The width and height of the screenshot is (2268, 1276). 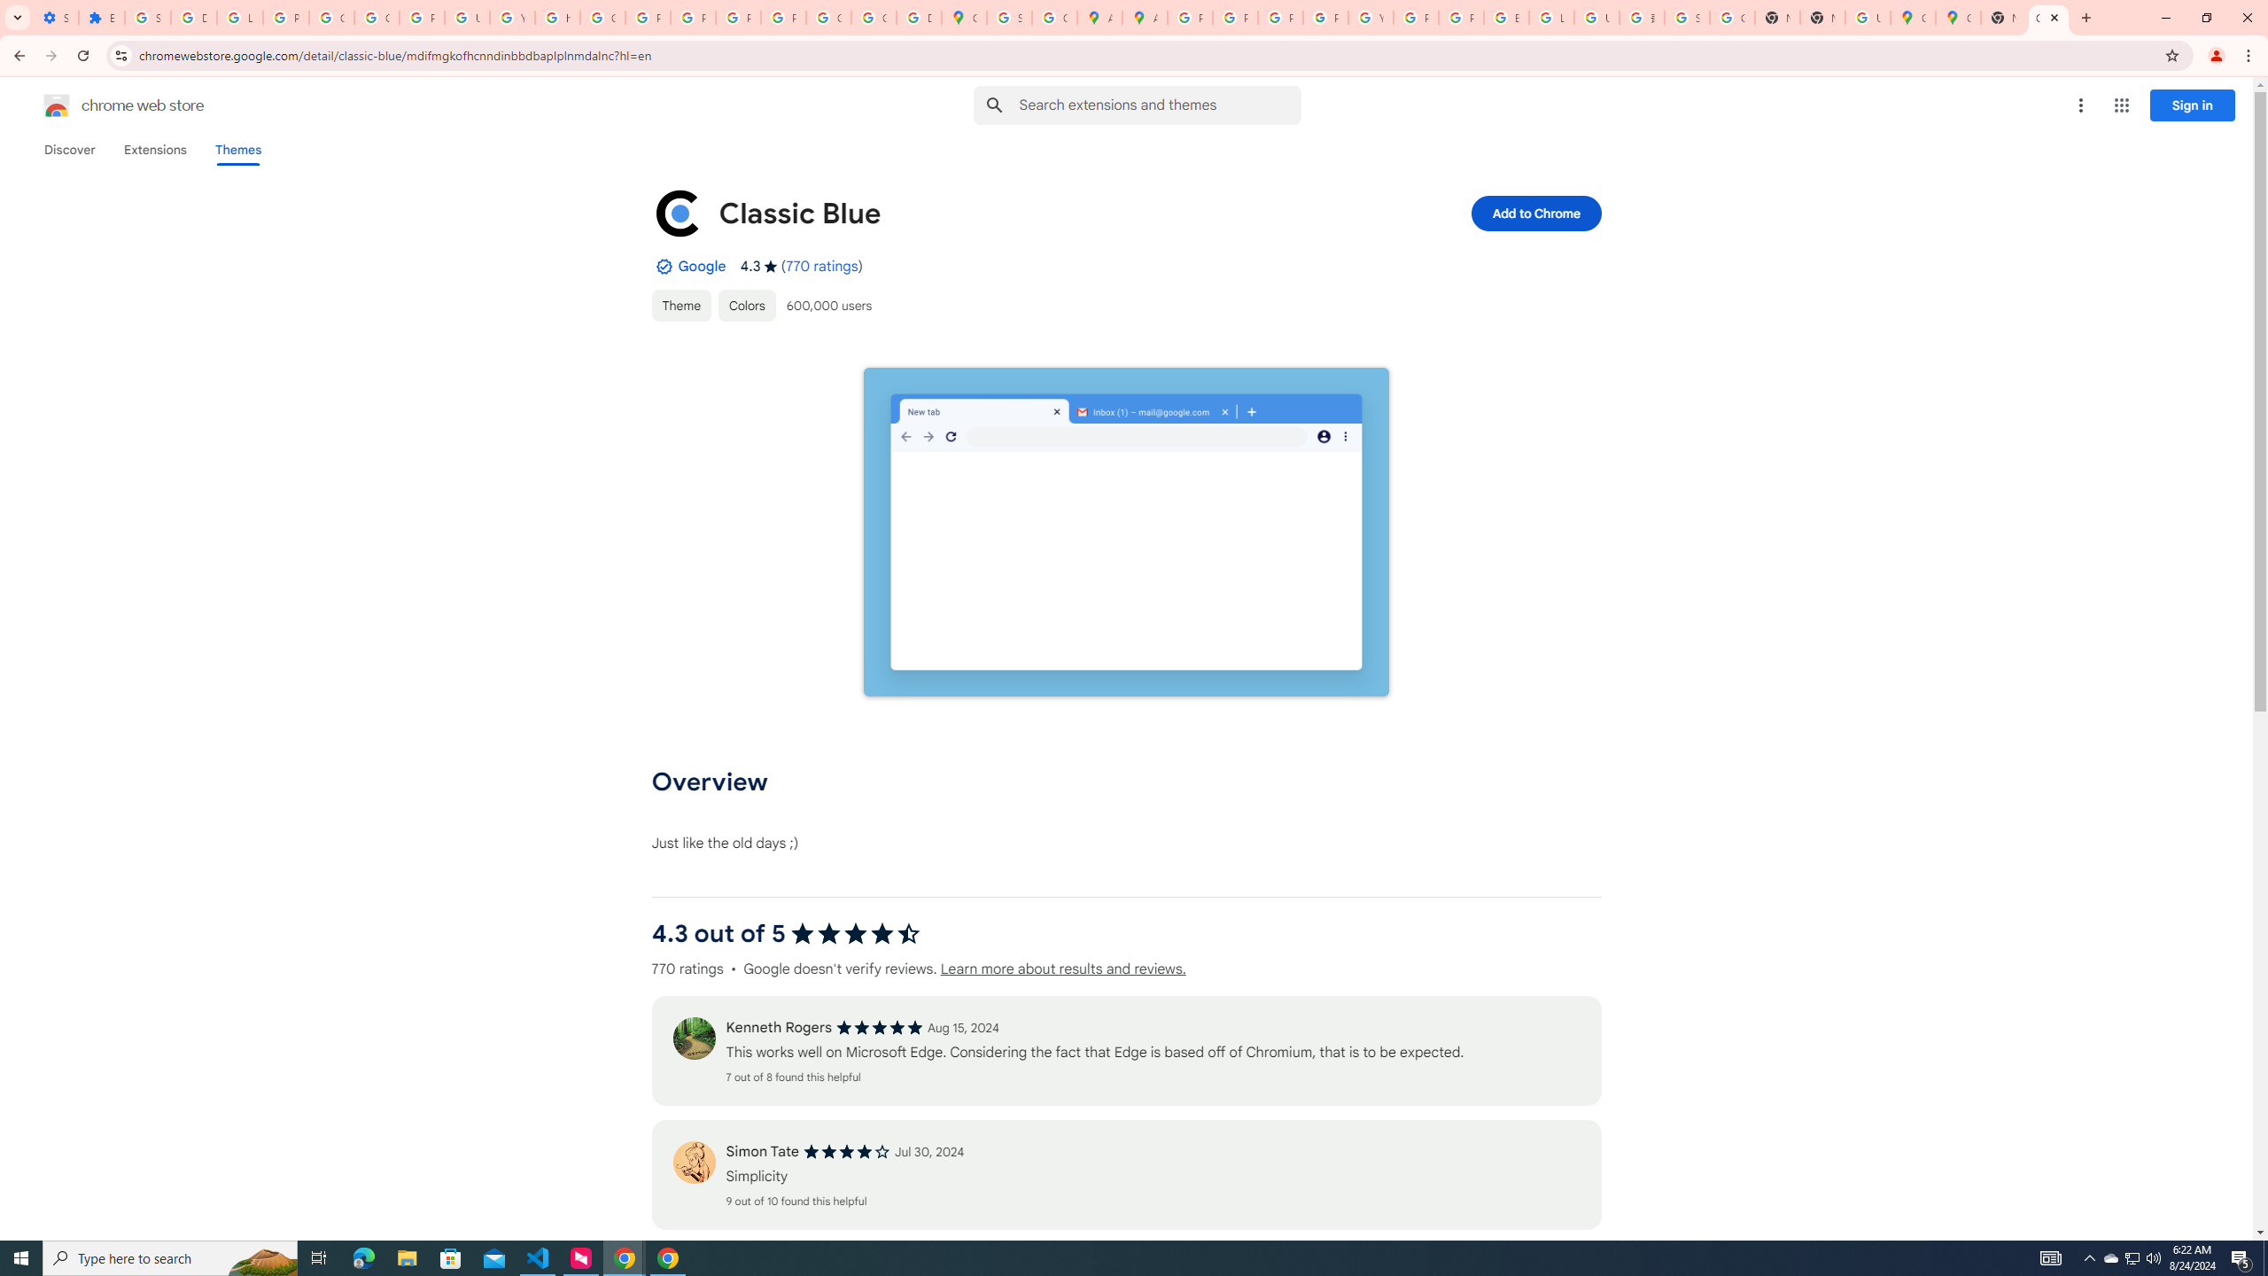 What do you see at coordinates (1159, 105) in the screenshot?
I see `'Search input'` at bounding box center [1159, 105].